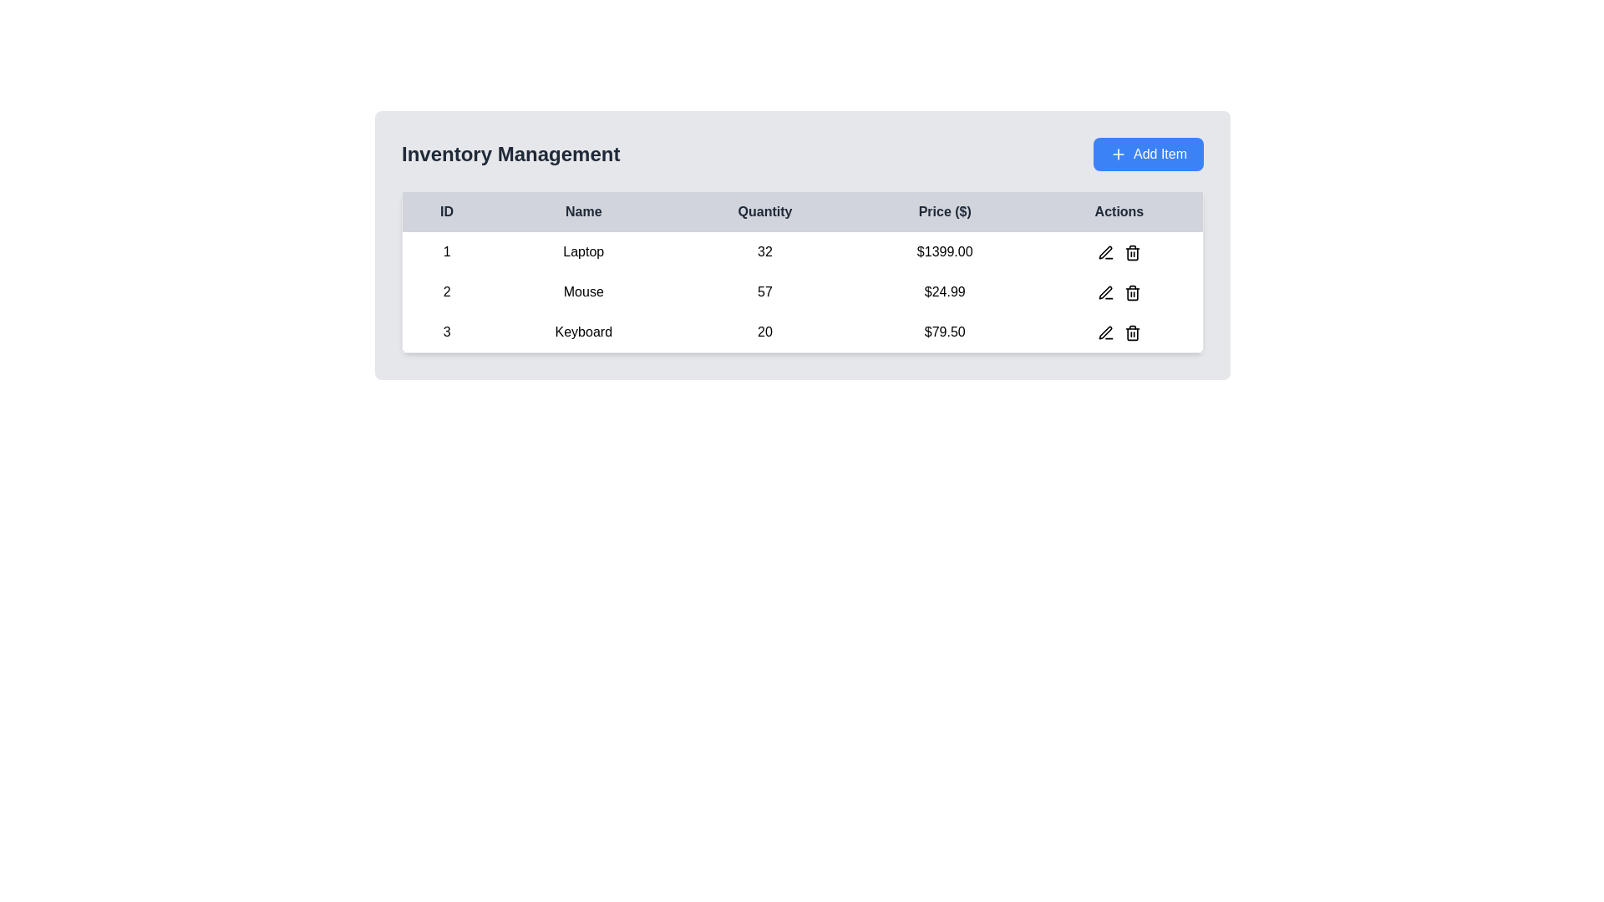 The height and width of the screenshot is (902, 1604). What do you see at coordinates (510, 155) in the screenshot?
I see `the 'Inventory Management' text label, which is styled as bold and large in dark gray, located at the top left of the header section` at bounding box center [510, 155].